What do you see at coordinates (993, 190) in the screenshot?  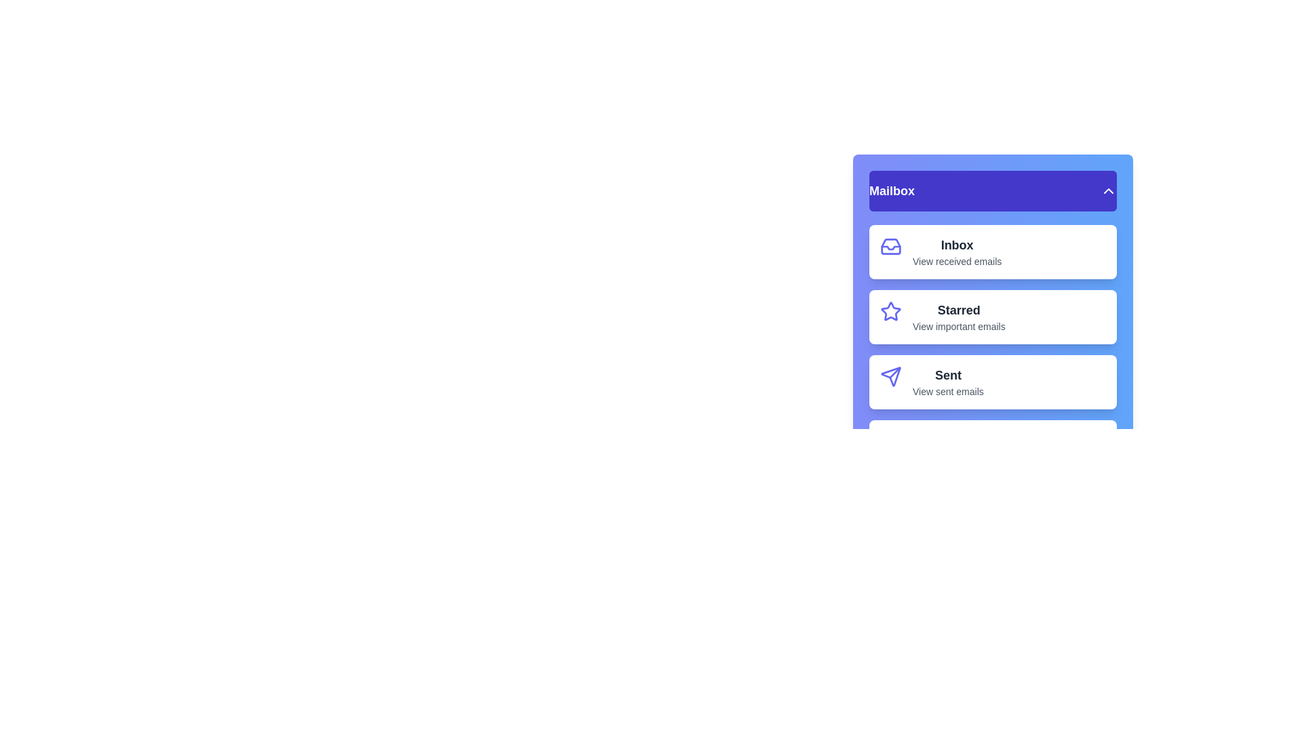 I see `the 'Mailbox' button to toggle the menu visibility` at bounding box center [993, 190].